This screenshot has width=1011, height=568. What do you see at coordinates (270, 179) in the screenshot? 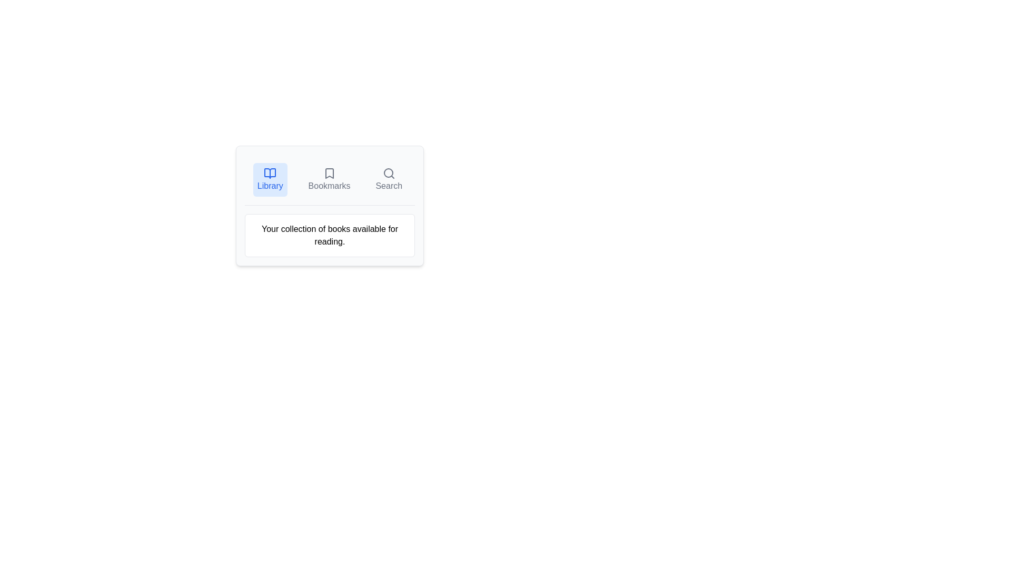
I see `the currently selected tab to ensure it is active` at bounding box center [270, 179].